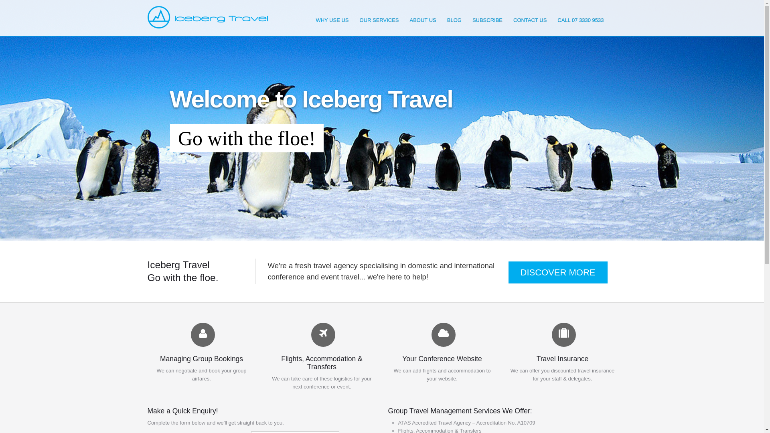 The width and height of the screenshot is (770, 433). Describe the element at coordinates (530, 20) in the screenshot. I see `'CONTACT US'` at that location.